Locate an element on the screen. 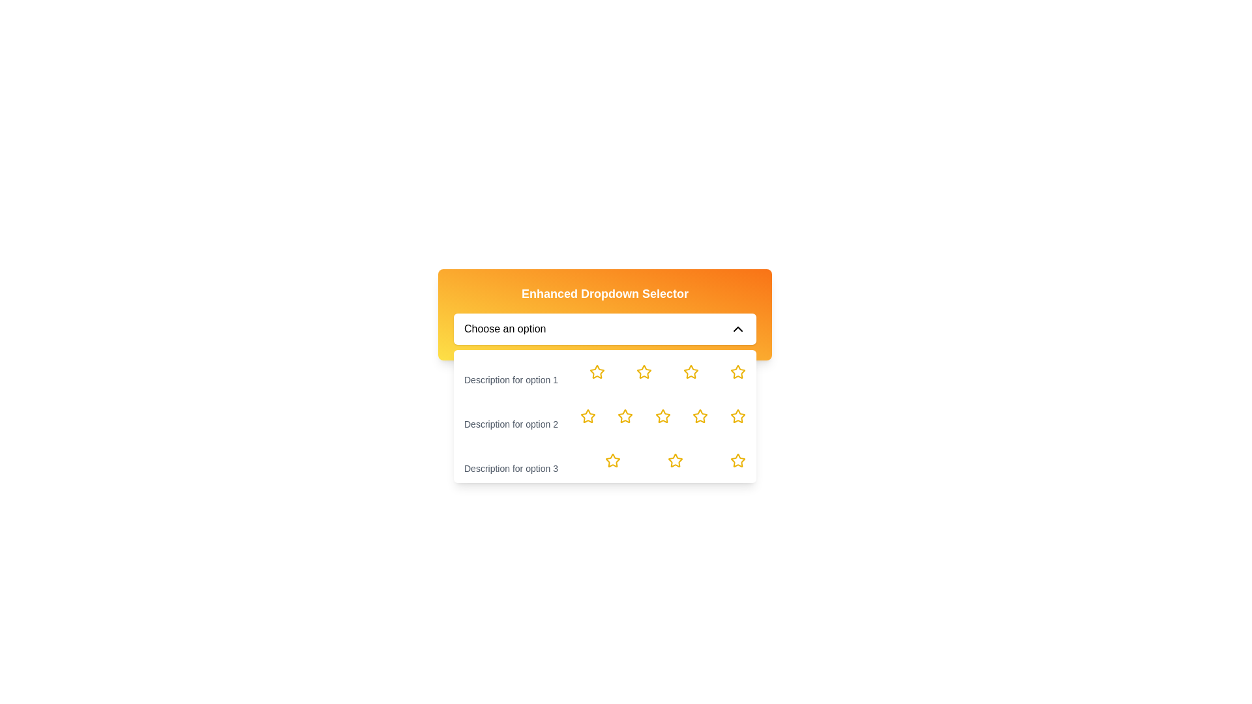 This screenshot has width=1252, height=704. the fifth star-shaped interactive SVG icon with a yellow outline, located under the text 'Description for option 2' is located at coordinates (700, 417).